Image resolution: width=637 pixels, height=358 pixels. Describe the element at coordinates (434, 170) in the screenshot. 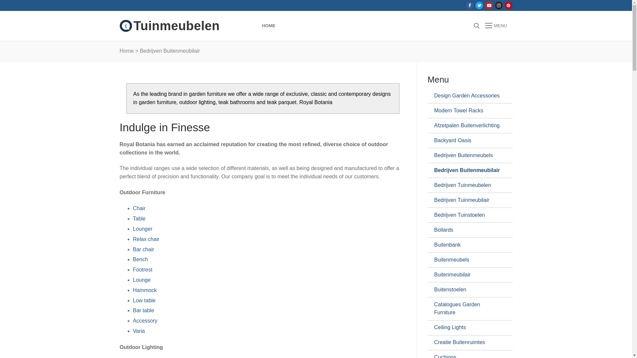

I see `'Bedrijven Buitenmeubilair'` at that location.